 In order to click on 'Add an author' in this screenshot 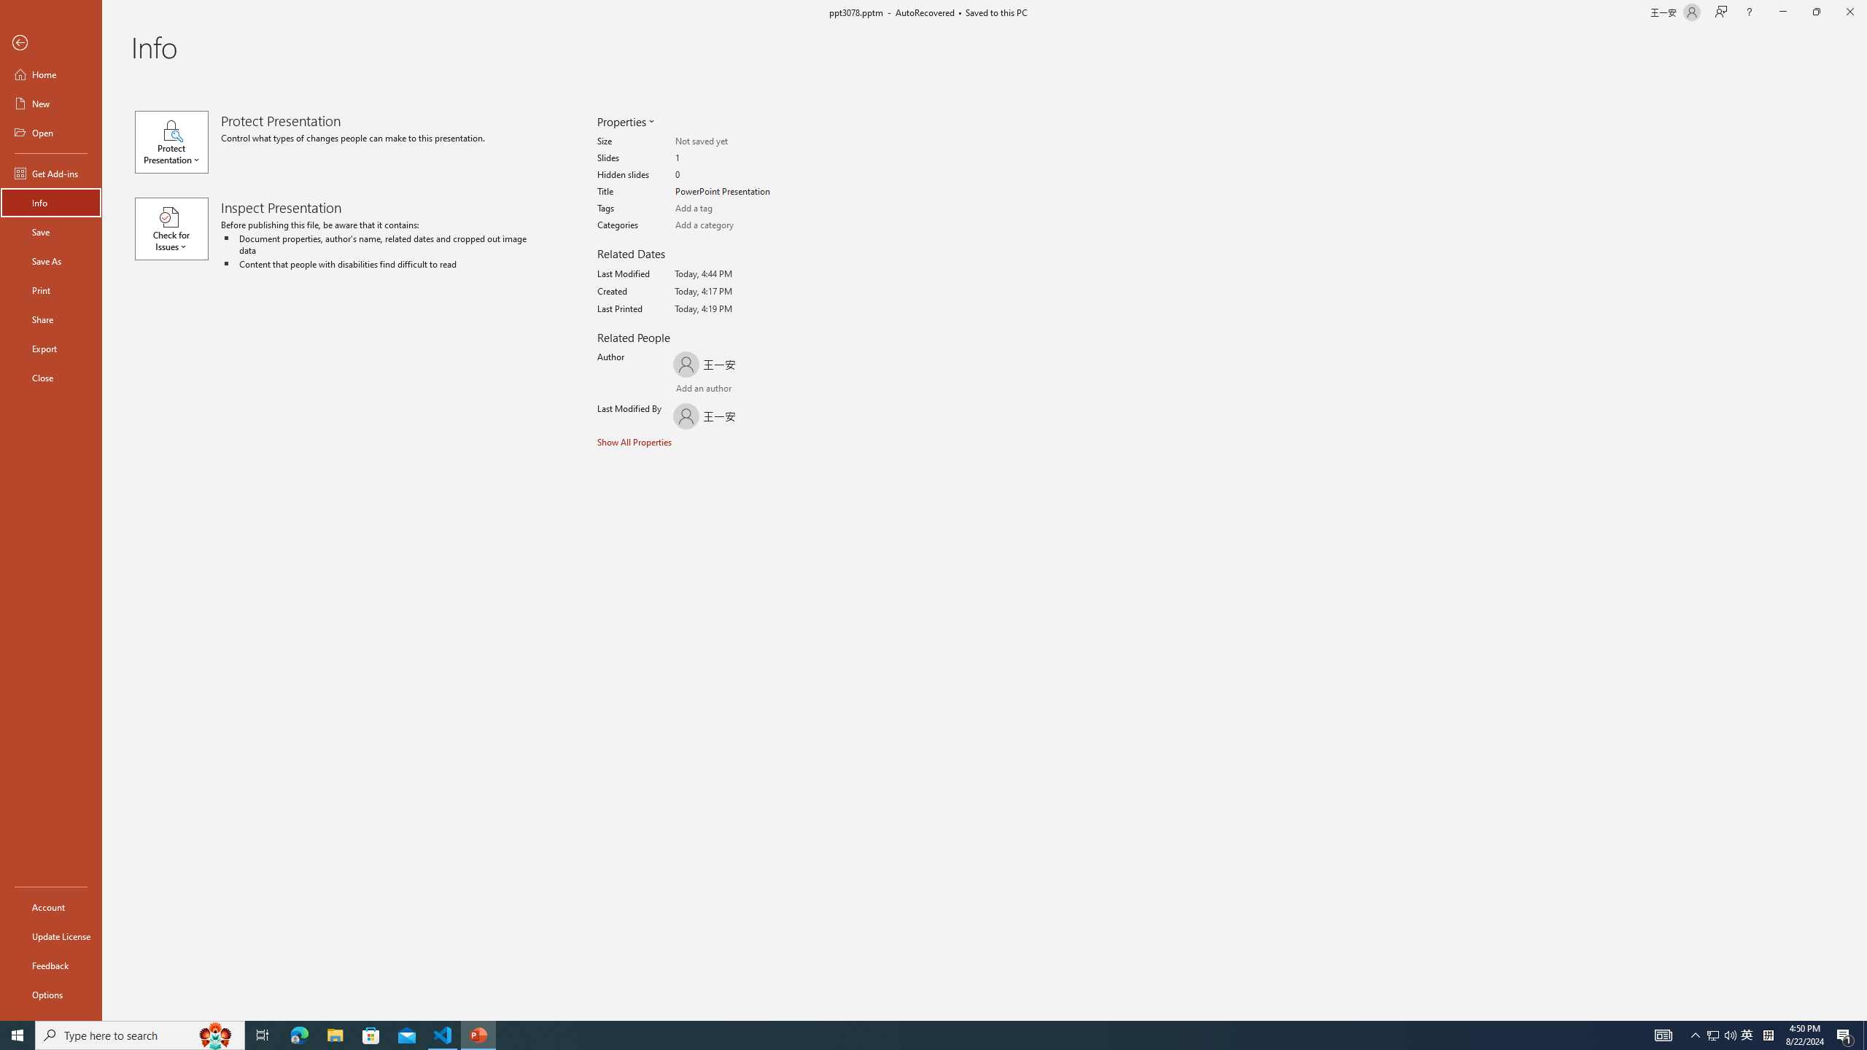, I will do `click(690, 389)`.